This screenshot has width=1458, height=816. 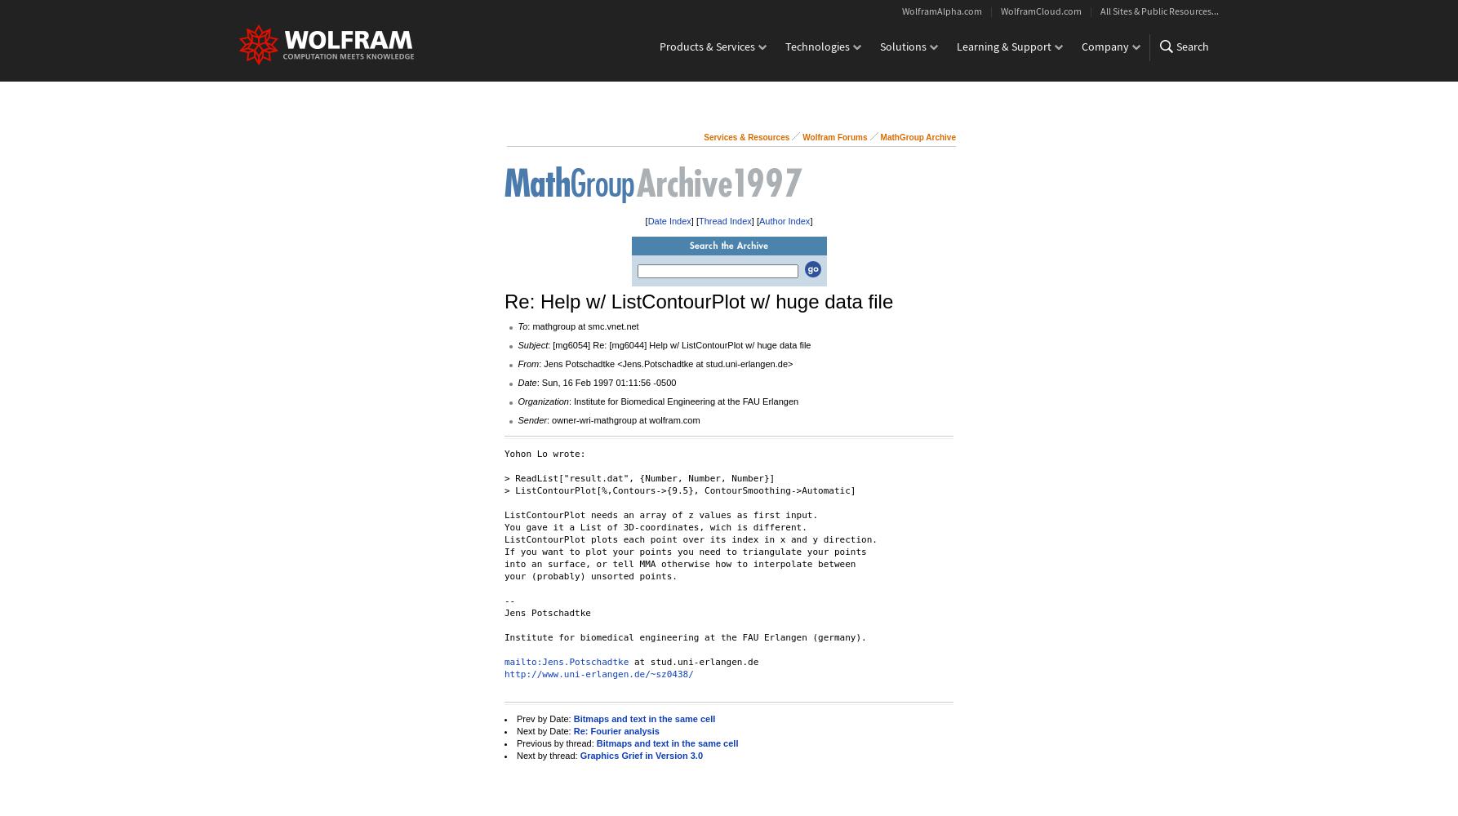 What do you see at coordinates (834, 137) in the screenshot?
I see `'Wolfram Forums'` at bounding box center [834, 137].